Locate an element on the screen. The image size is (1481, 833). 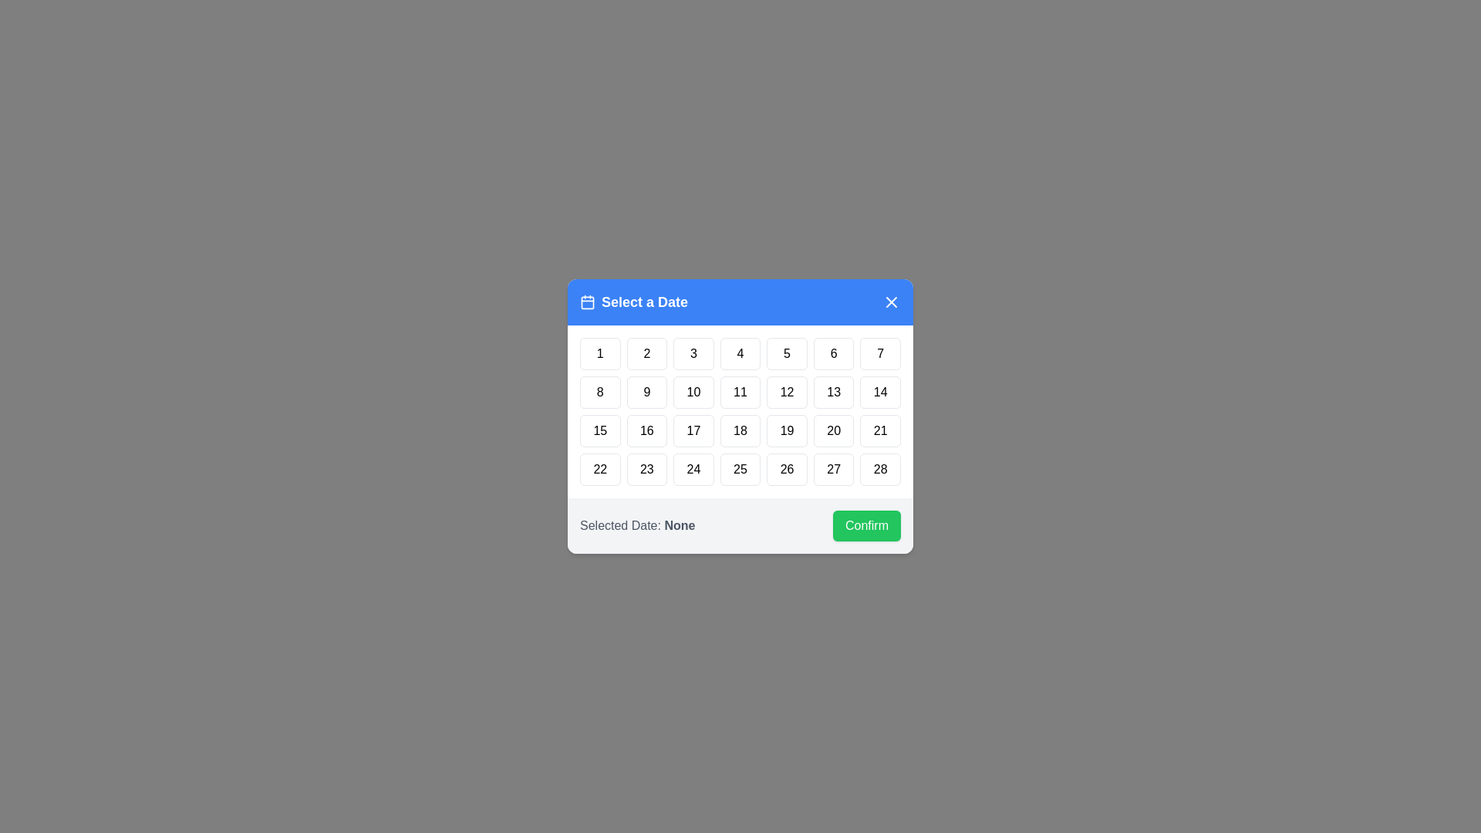
the button representing the day 23 to select that date is located at coordinates (647, 469).